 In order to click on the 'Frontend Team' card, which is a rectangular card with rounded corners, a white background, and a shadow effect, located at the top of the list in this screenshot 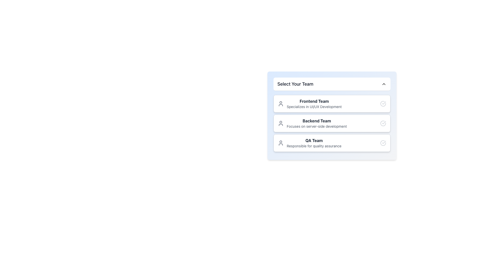, I will do `click(332, 104)`.